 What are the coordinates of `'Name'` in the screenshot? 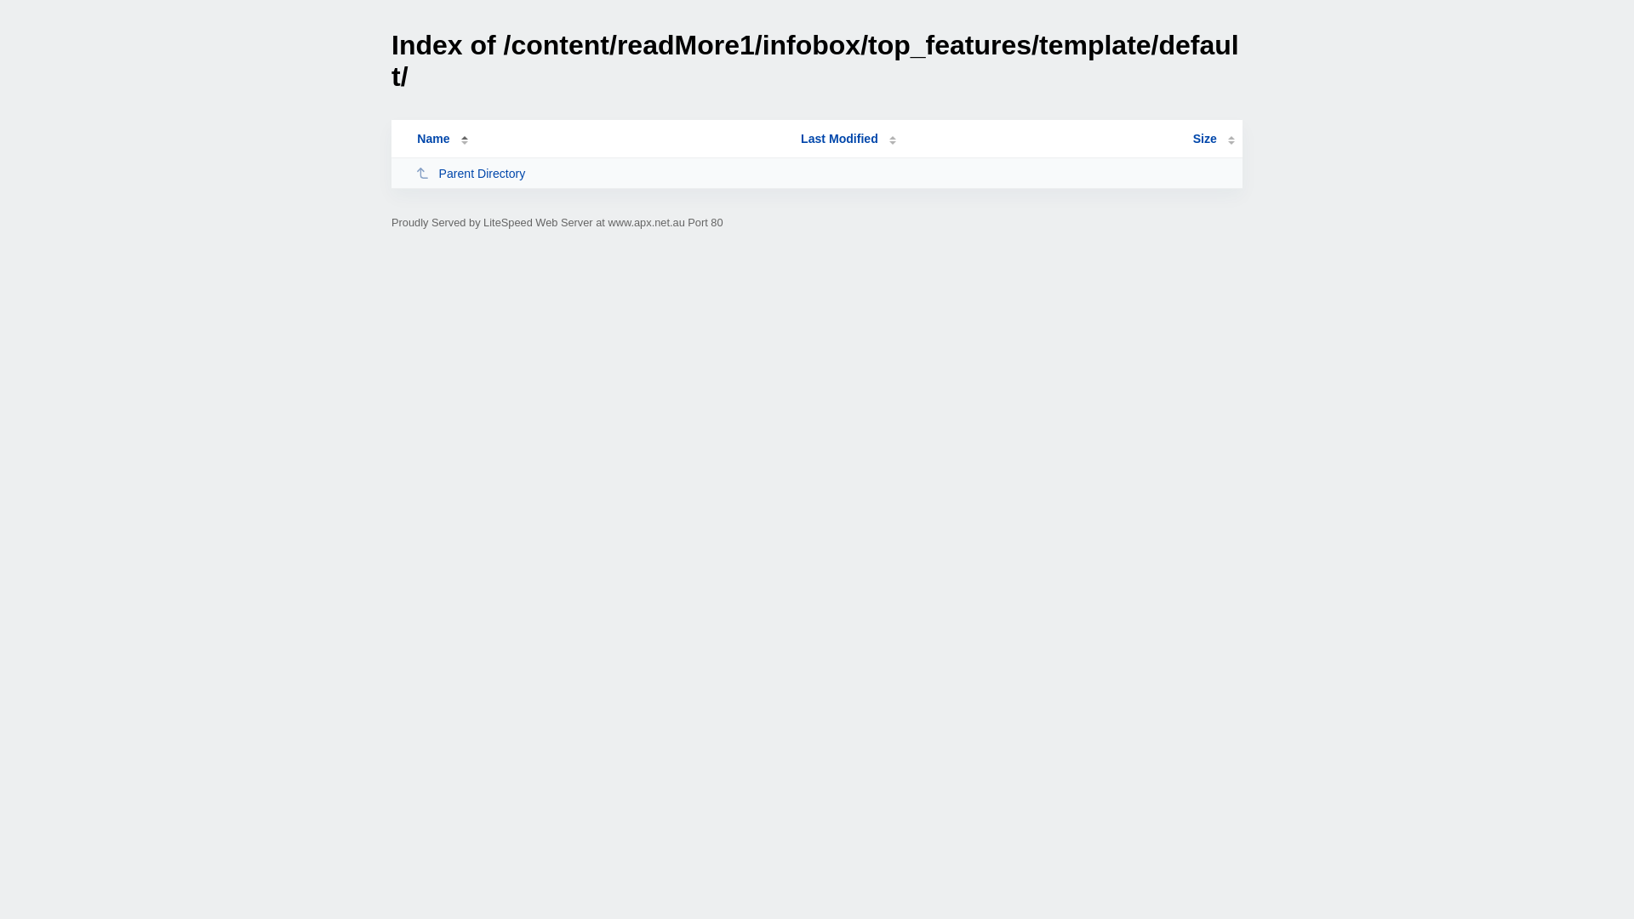 It's located at (432, 137).